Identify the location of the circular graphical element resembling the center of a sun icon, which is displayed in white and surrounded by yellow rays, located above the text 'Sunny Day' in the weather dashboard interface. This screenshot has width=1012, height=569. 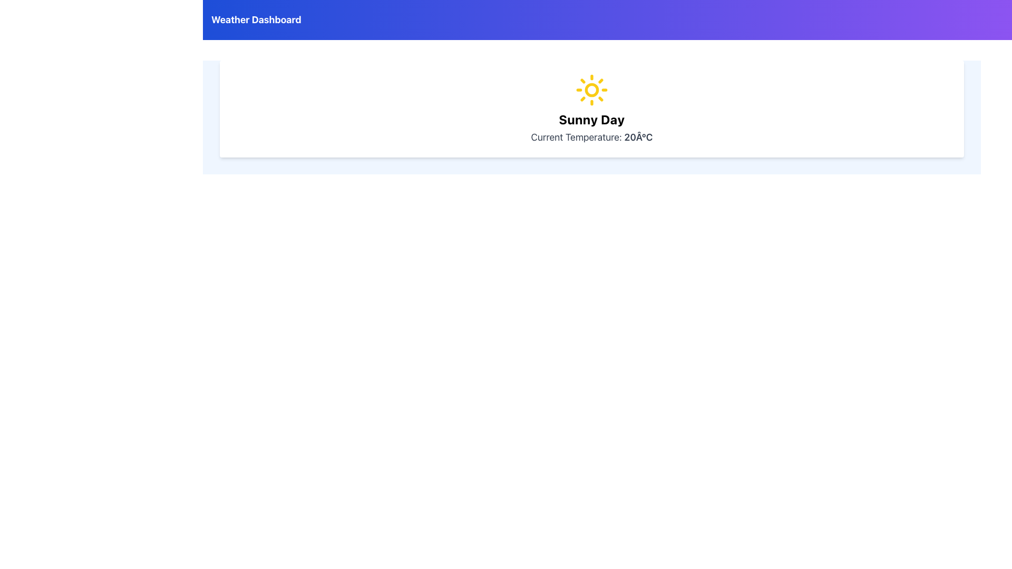
(592, 89).